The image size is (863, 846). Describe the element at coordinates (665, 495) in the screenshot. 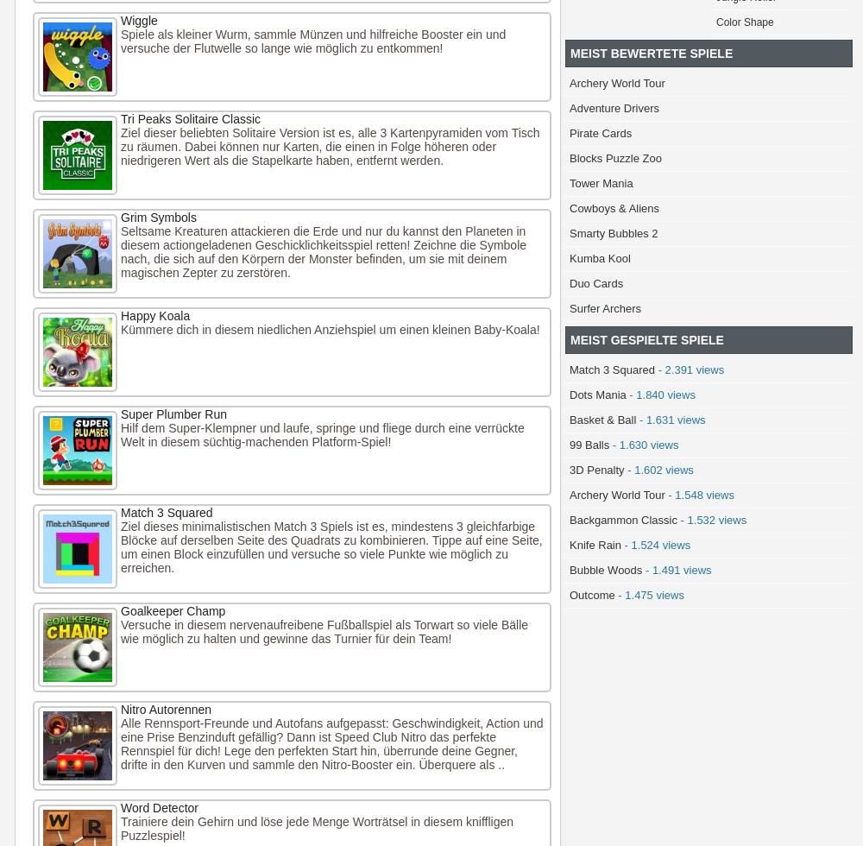

I see `'- 1.548 views'` at that location.